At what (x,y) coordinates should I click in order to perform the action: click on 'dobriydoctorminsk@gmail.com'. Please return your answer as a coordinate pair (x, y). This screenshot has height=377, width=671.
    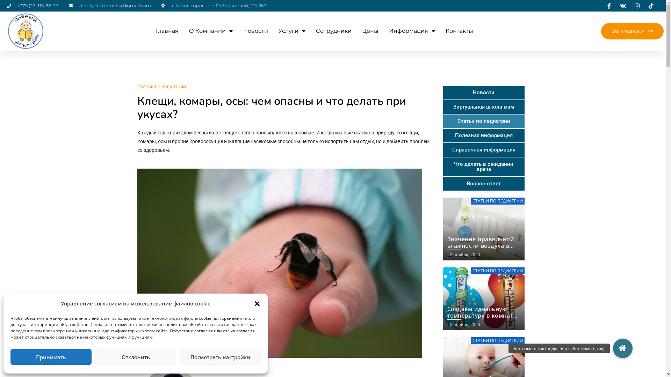
    Looking at the image, I should click on (109, 6).